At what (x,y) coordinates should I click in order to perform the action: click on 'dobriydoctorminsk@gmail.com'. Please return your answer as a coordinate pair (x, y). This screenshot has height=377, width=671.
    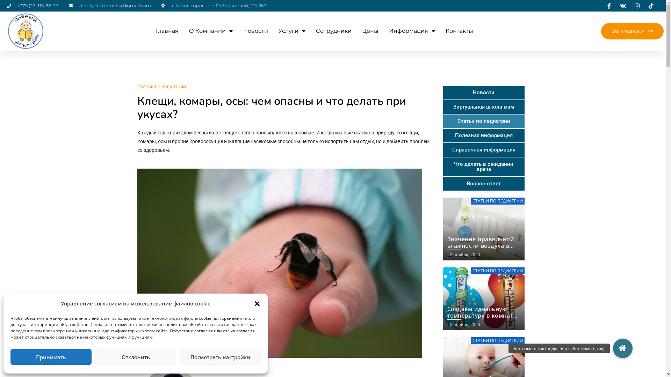
    Looking at the image, I should click on (109, 6).